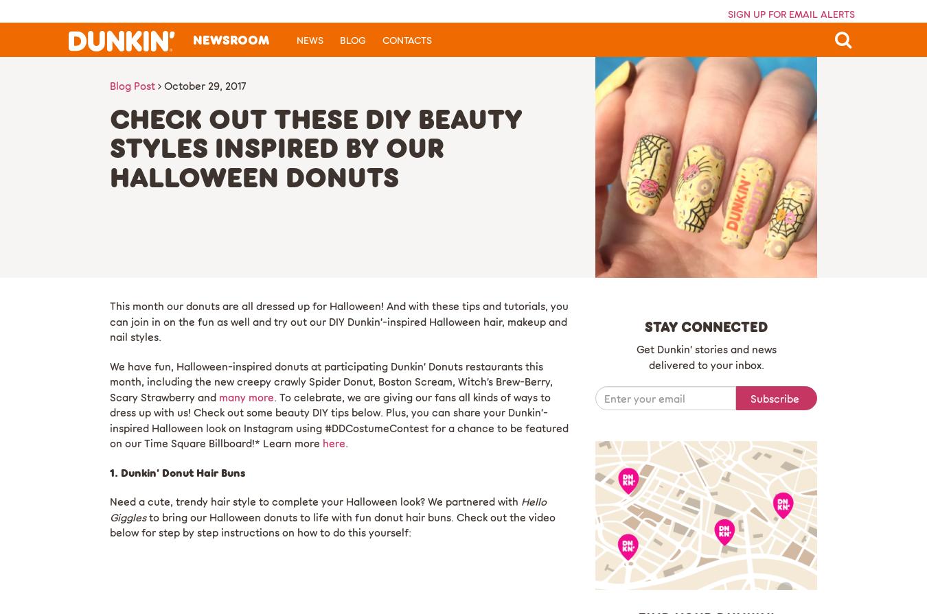 Image resolution: width=927 pixels, height=614 pixels. What do you see at coordinates (109, 501) in the screenshot?
I see `'Need a cute, trendy hair style to complete your Halloween look? We partnered with'` at bounding box center [109, 501].